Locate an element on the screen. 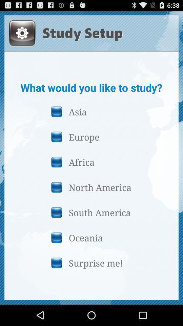 This screenshot has width=183, height=326. the button above north america is located at coordinates (91, 162).